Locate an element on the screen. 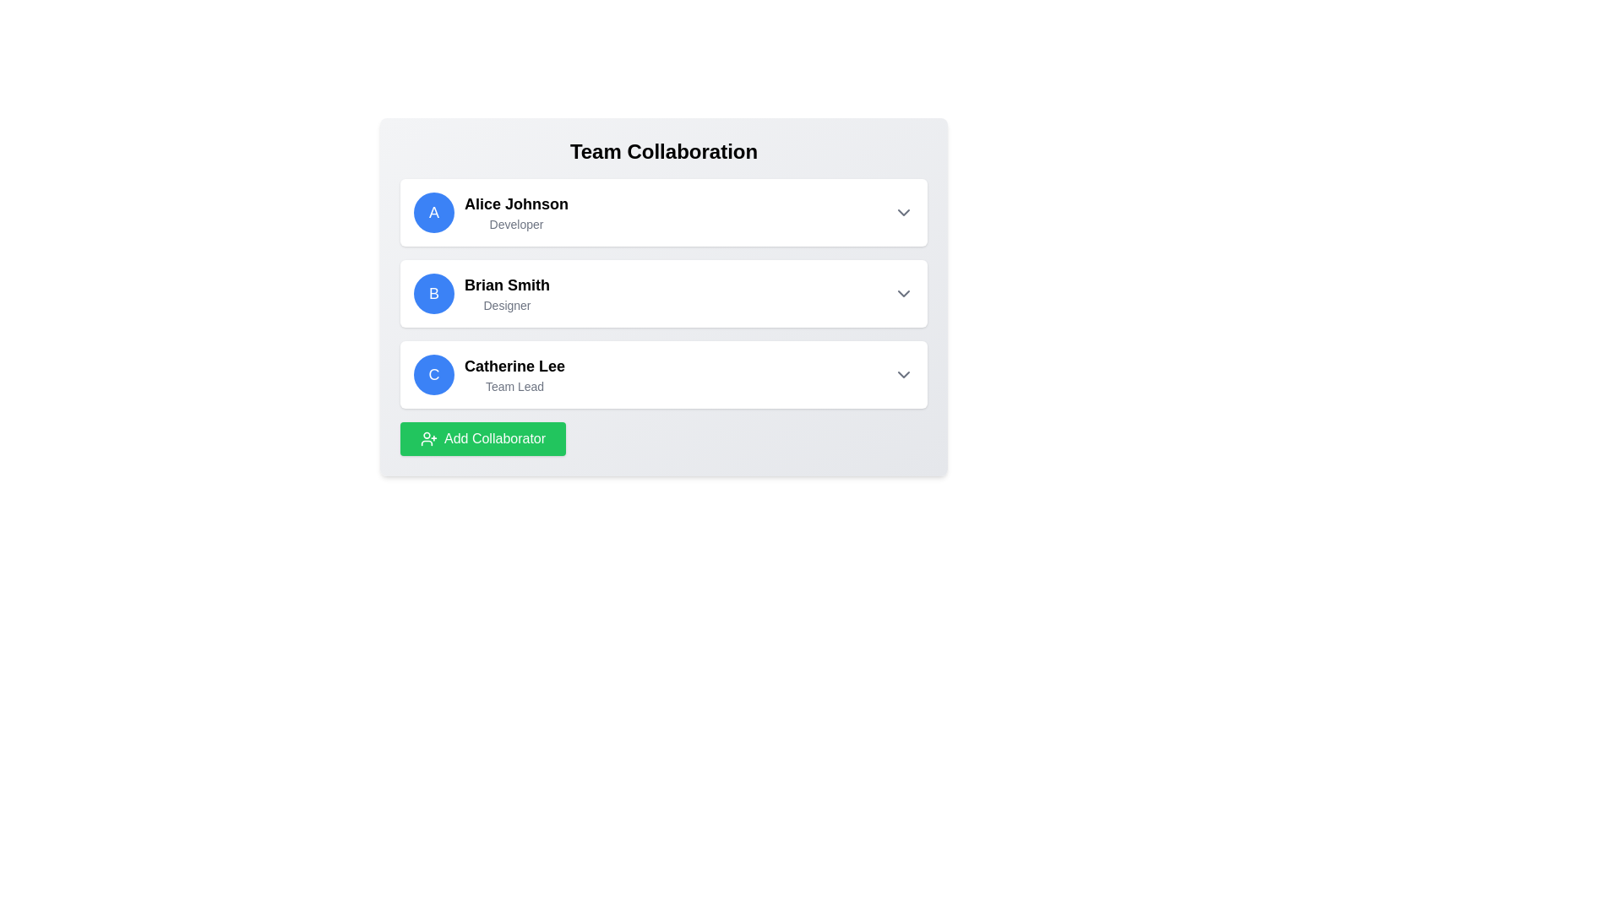 The image size is (1622, 912). the text label that describes the role or title of the user 'Alice Johnson' in the 'Team Collaboration' section, located immediately below the name 'Alice Johnson' is located at coordinates (515, 224).